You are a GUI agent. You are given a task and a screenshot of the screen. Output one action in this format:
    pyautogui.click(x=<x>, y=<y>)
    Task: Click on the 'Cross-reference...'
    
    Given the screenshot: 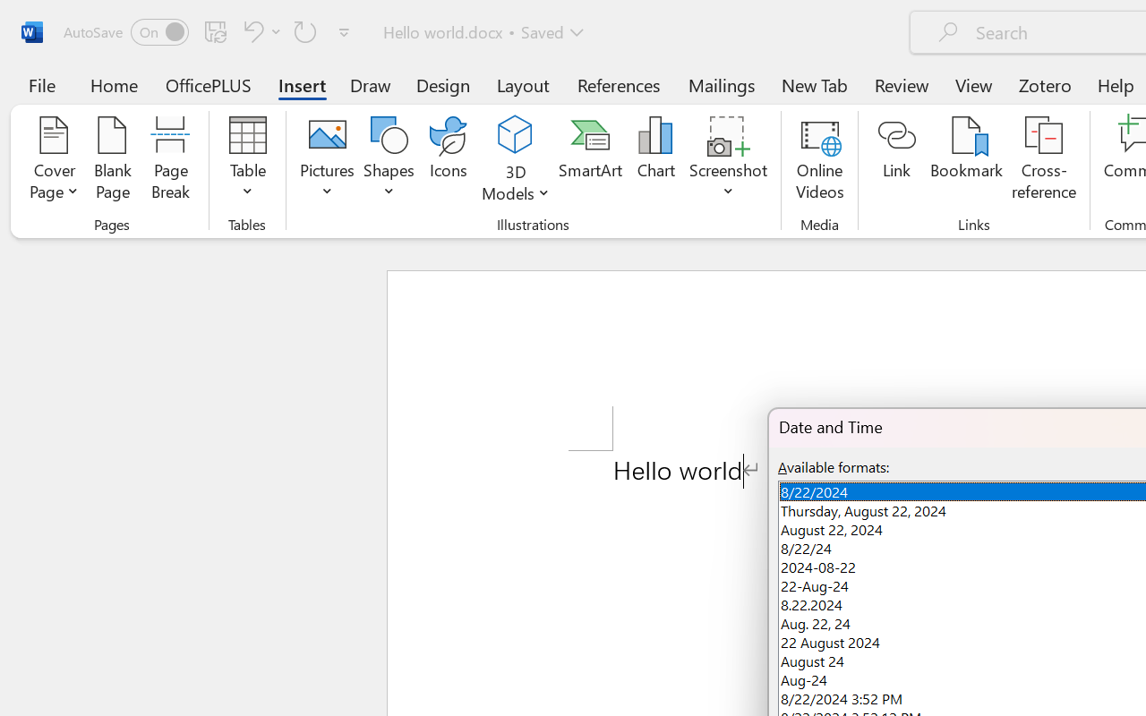 What is the action you would take?
    pyautogui.click(x=1044, y=160)
    